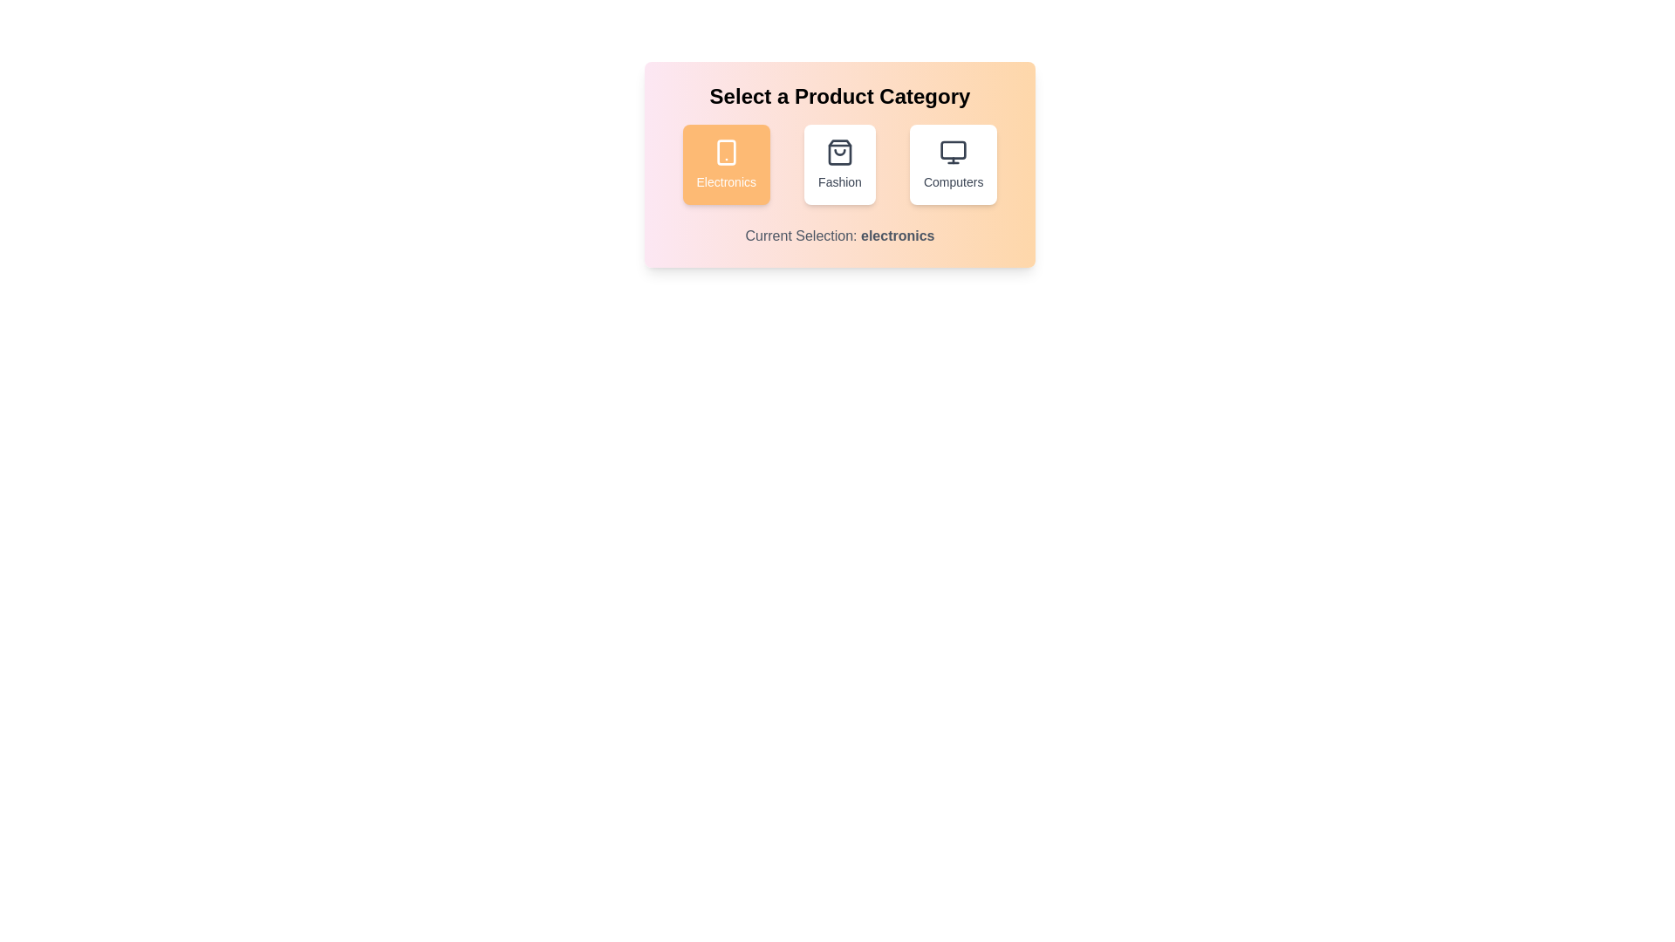 The height and width of the screenshot is (942, 1675). Describe the element at coordinates (726, 165) in the screenshot. I see `the 'Electronics' button to select the Electronics category` at that location.